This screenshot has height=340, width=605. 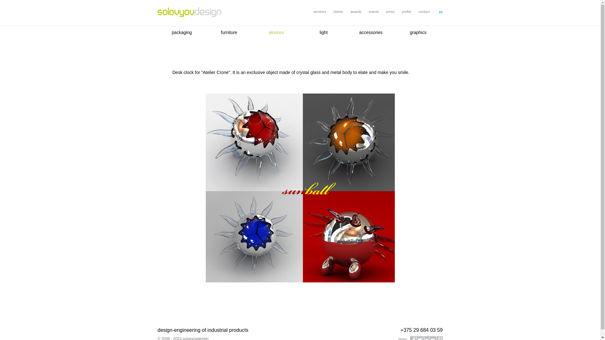 I want to click on 'press', so click(x=390, y=12).